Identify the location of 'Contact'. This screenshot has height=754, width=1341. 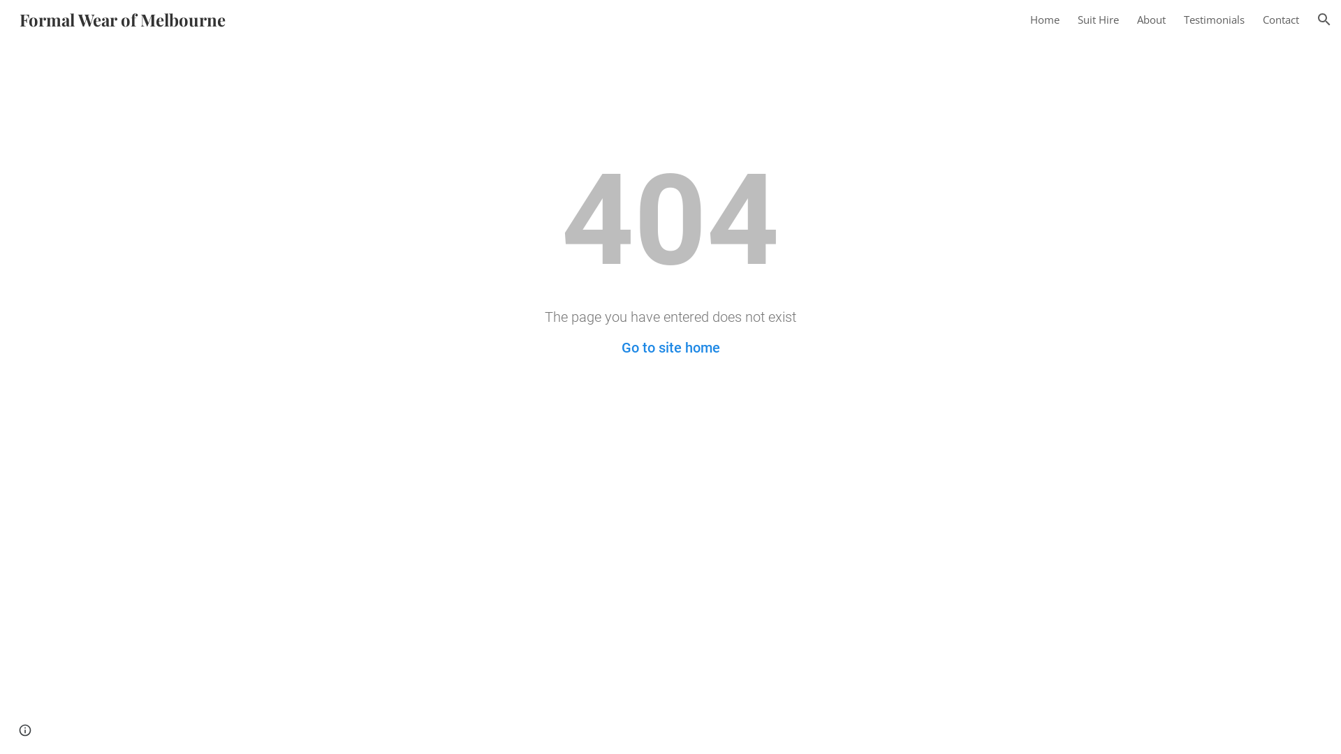
(1280, 19).